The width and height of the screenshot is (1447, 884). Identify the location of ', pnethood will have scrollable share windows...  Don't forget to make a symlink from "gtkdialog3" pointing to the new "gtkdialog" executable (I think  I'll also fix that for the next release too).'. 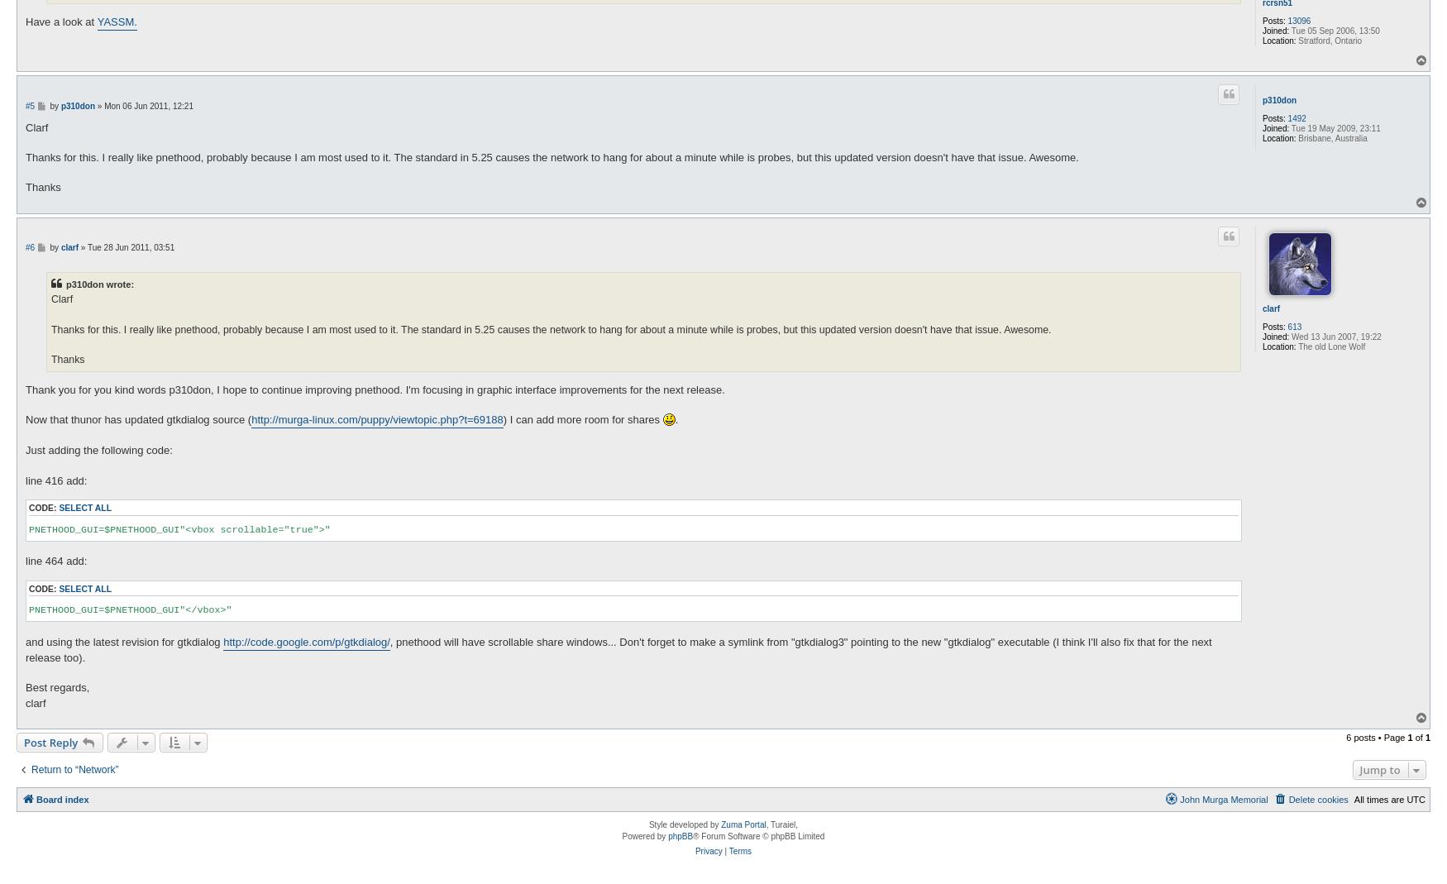
(618, 649).